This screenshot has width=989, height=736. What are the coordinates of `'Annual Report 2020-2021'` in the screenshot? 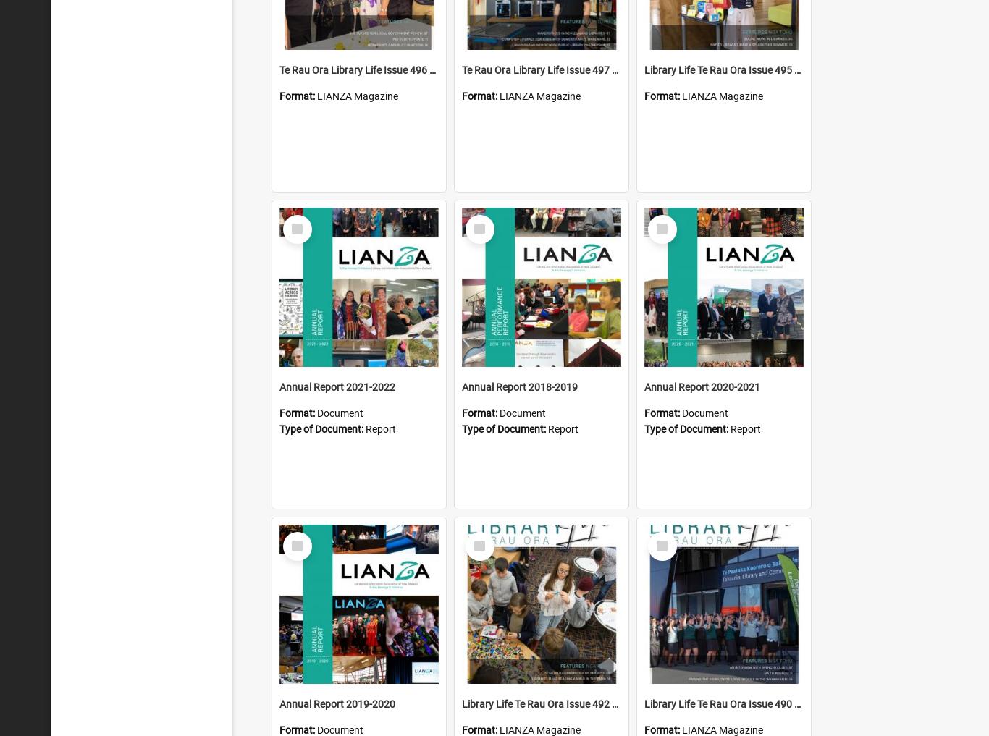 It's located at (702, 387).